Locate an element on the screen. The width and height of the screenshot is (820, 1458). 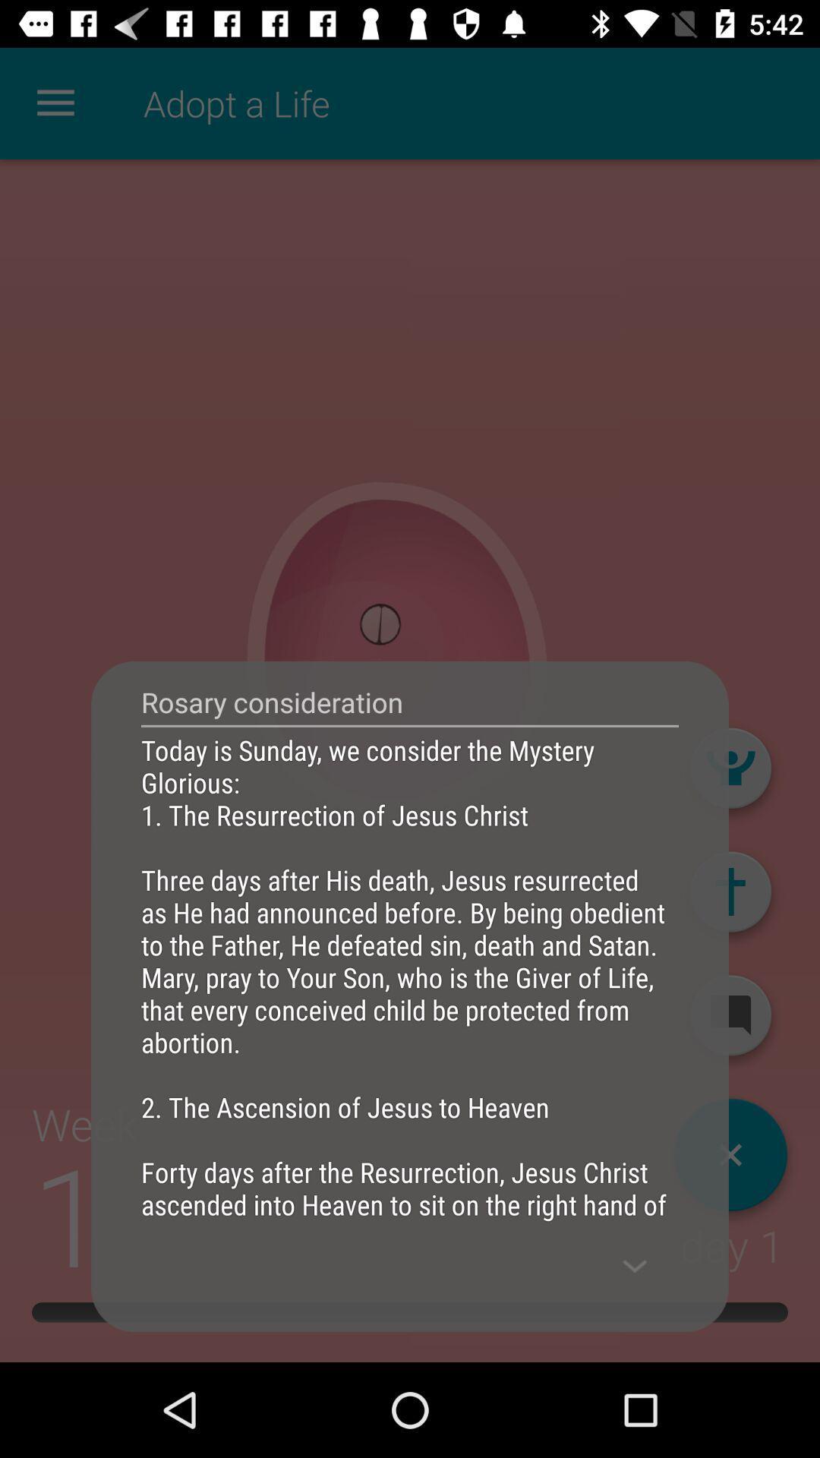
today is sunday is located at coordinates (410, 977).